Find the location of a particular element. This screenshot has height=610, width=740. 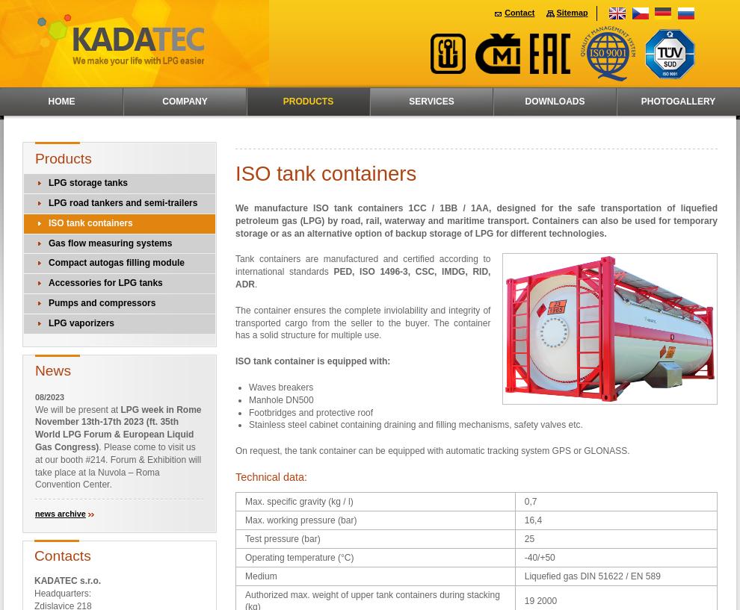

'. Please come to visit us at our booth #214. Forum & Exhibition will take place at la Nuvola – Roma Convention Center.' is located at coordinates (118, 465).